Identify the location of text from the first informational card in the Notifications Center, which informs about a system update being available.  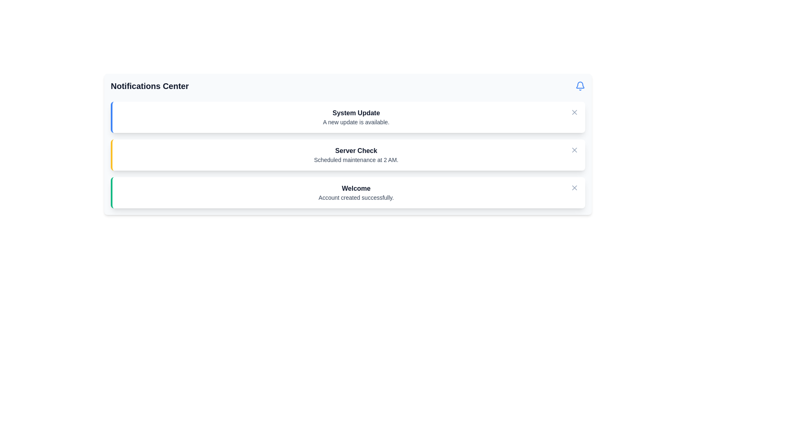
(356, 117).